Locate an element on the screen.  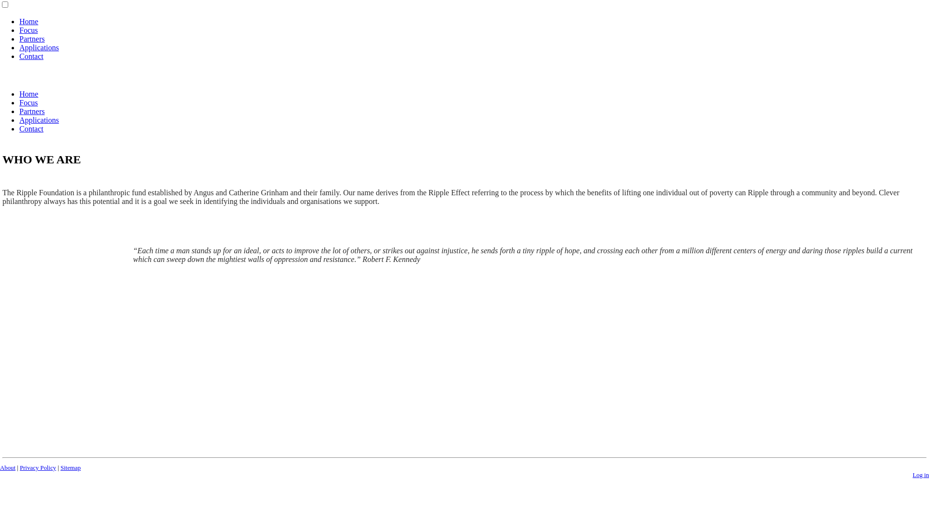
'Contact' is located at coordinates (31, 128).